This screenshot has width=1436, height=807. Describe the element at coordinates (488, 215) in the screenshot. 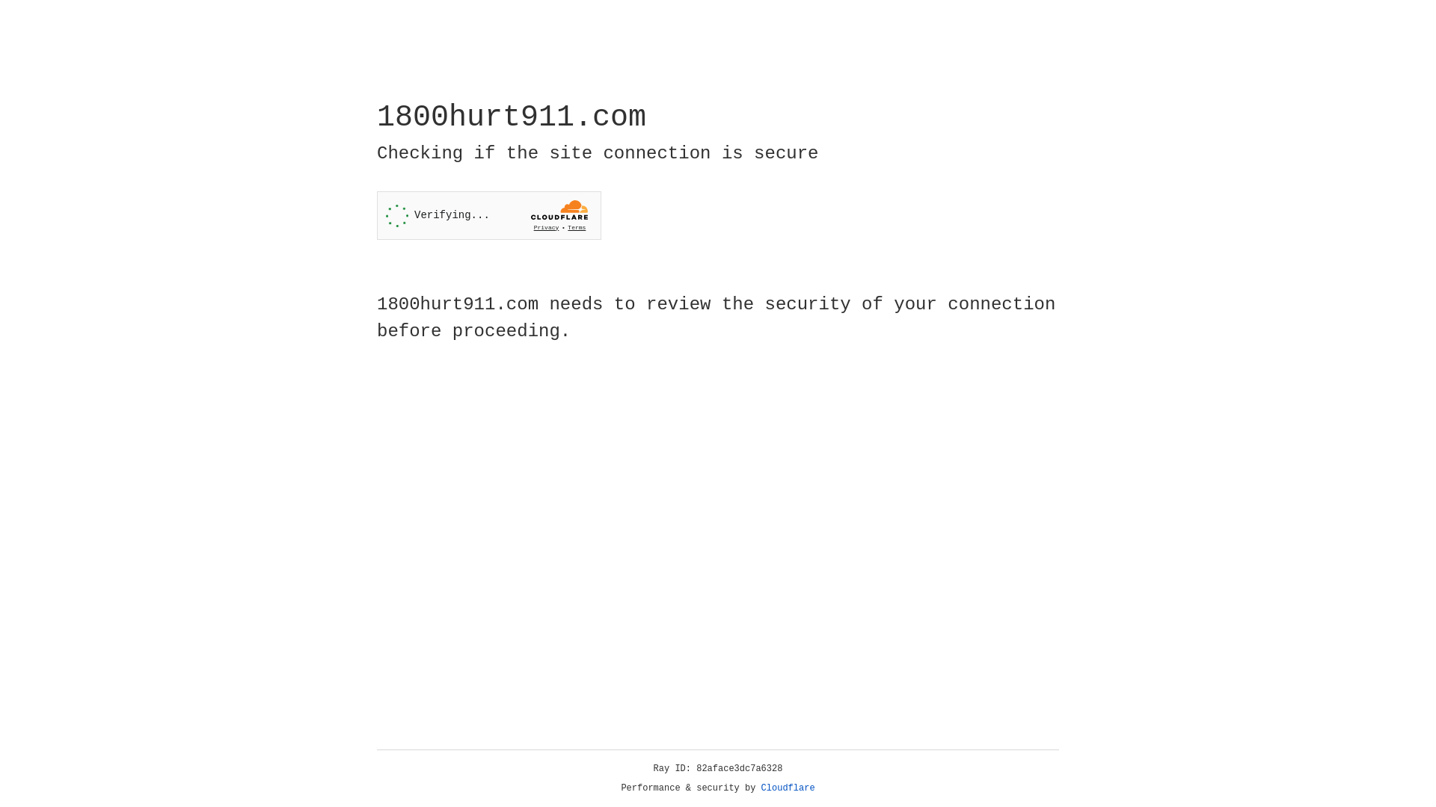

I see `'Widget containing a Cloudflare security challenge'` at that location.